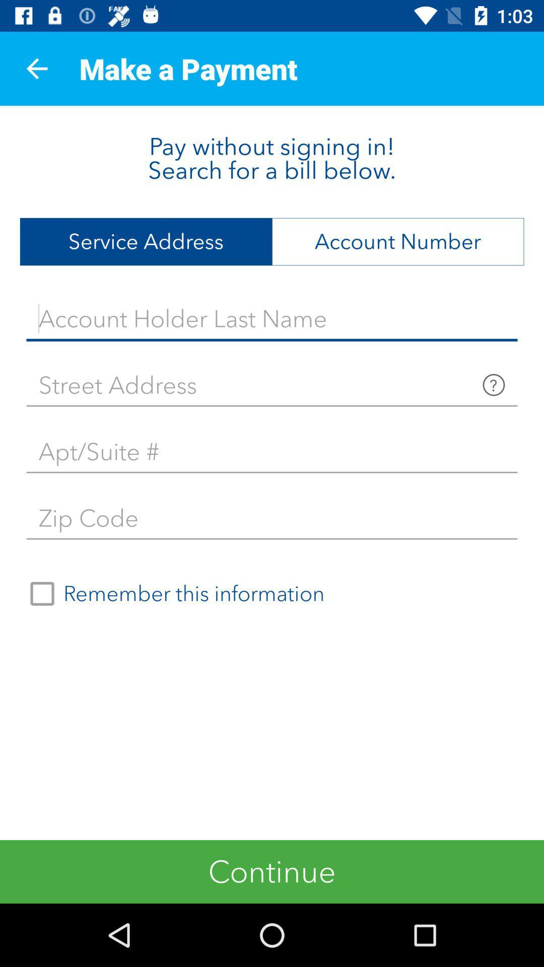 This screenshot has height=967, width=544. I want to click on the service address icon, so click(146, 242).